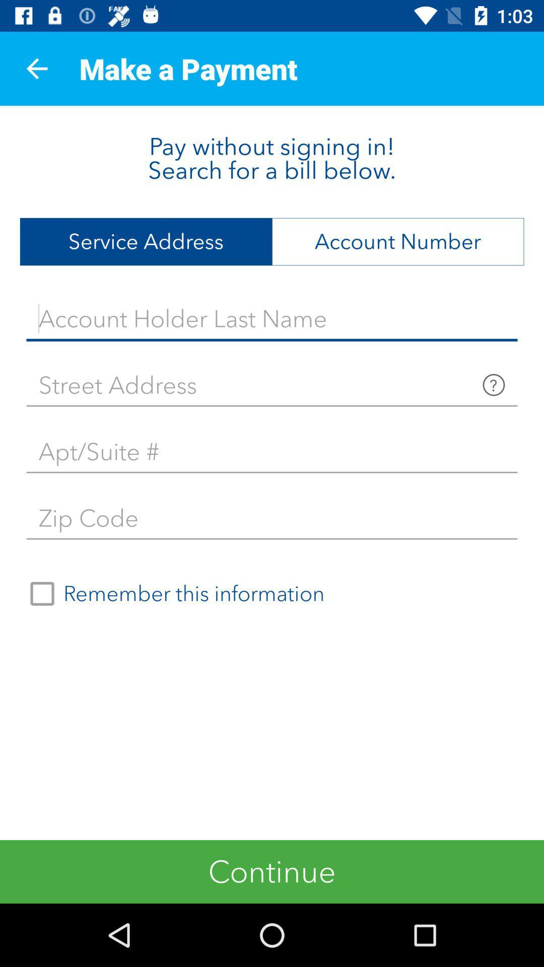 This screenshot has height=967, width=544. I want to click on the service address icon, so click(146, 242).